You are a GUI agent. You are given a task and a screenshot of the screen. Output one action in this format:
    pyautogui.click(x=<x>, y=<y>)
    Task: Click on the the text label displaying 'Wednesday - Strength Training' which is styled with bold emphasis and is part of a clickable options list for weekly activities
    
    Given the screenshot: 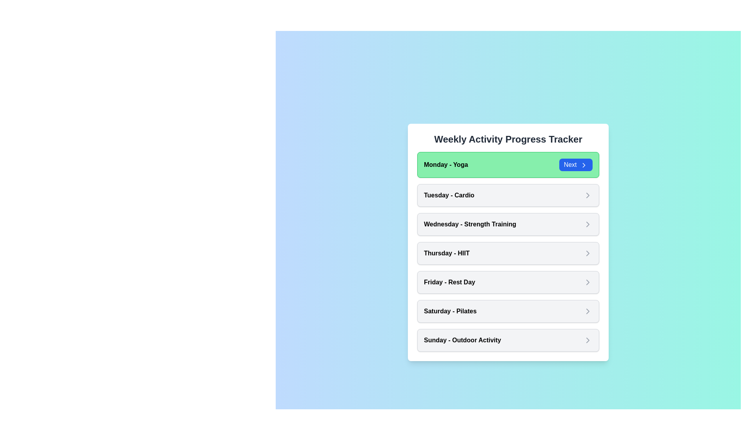 What is the action you would take?
    pyautogui.click(x=470, y=224)
    